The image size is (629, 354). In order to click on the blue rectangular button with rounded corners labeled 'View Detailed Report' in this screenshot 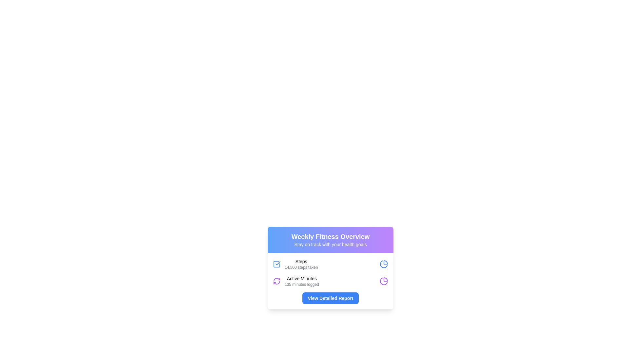, I will do `click(330, 298)`.